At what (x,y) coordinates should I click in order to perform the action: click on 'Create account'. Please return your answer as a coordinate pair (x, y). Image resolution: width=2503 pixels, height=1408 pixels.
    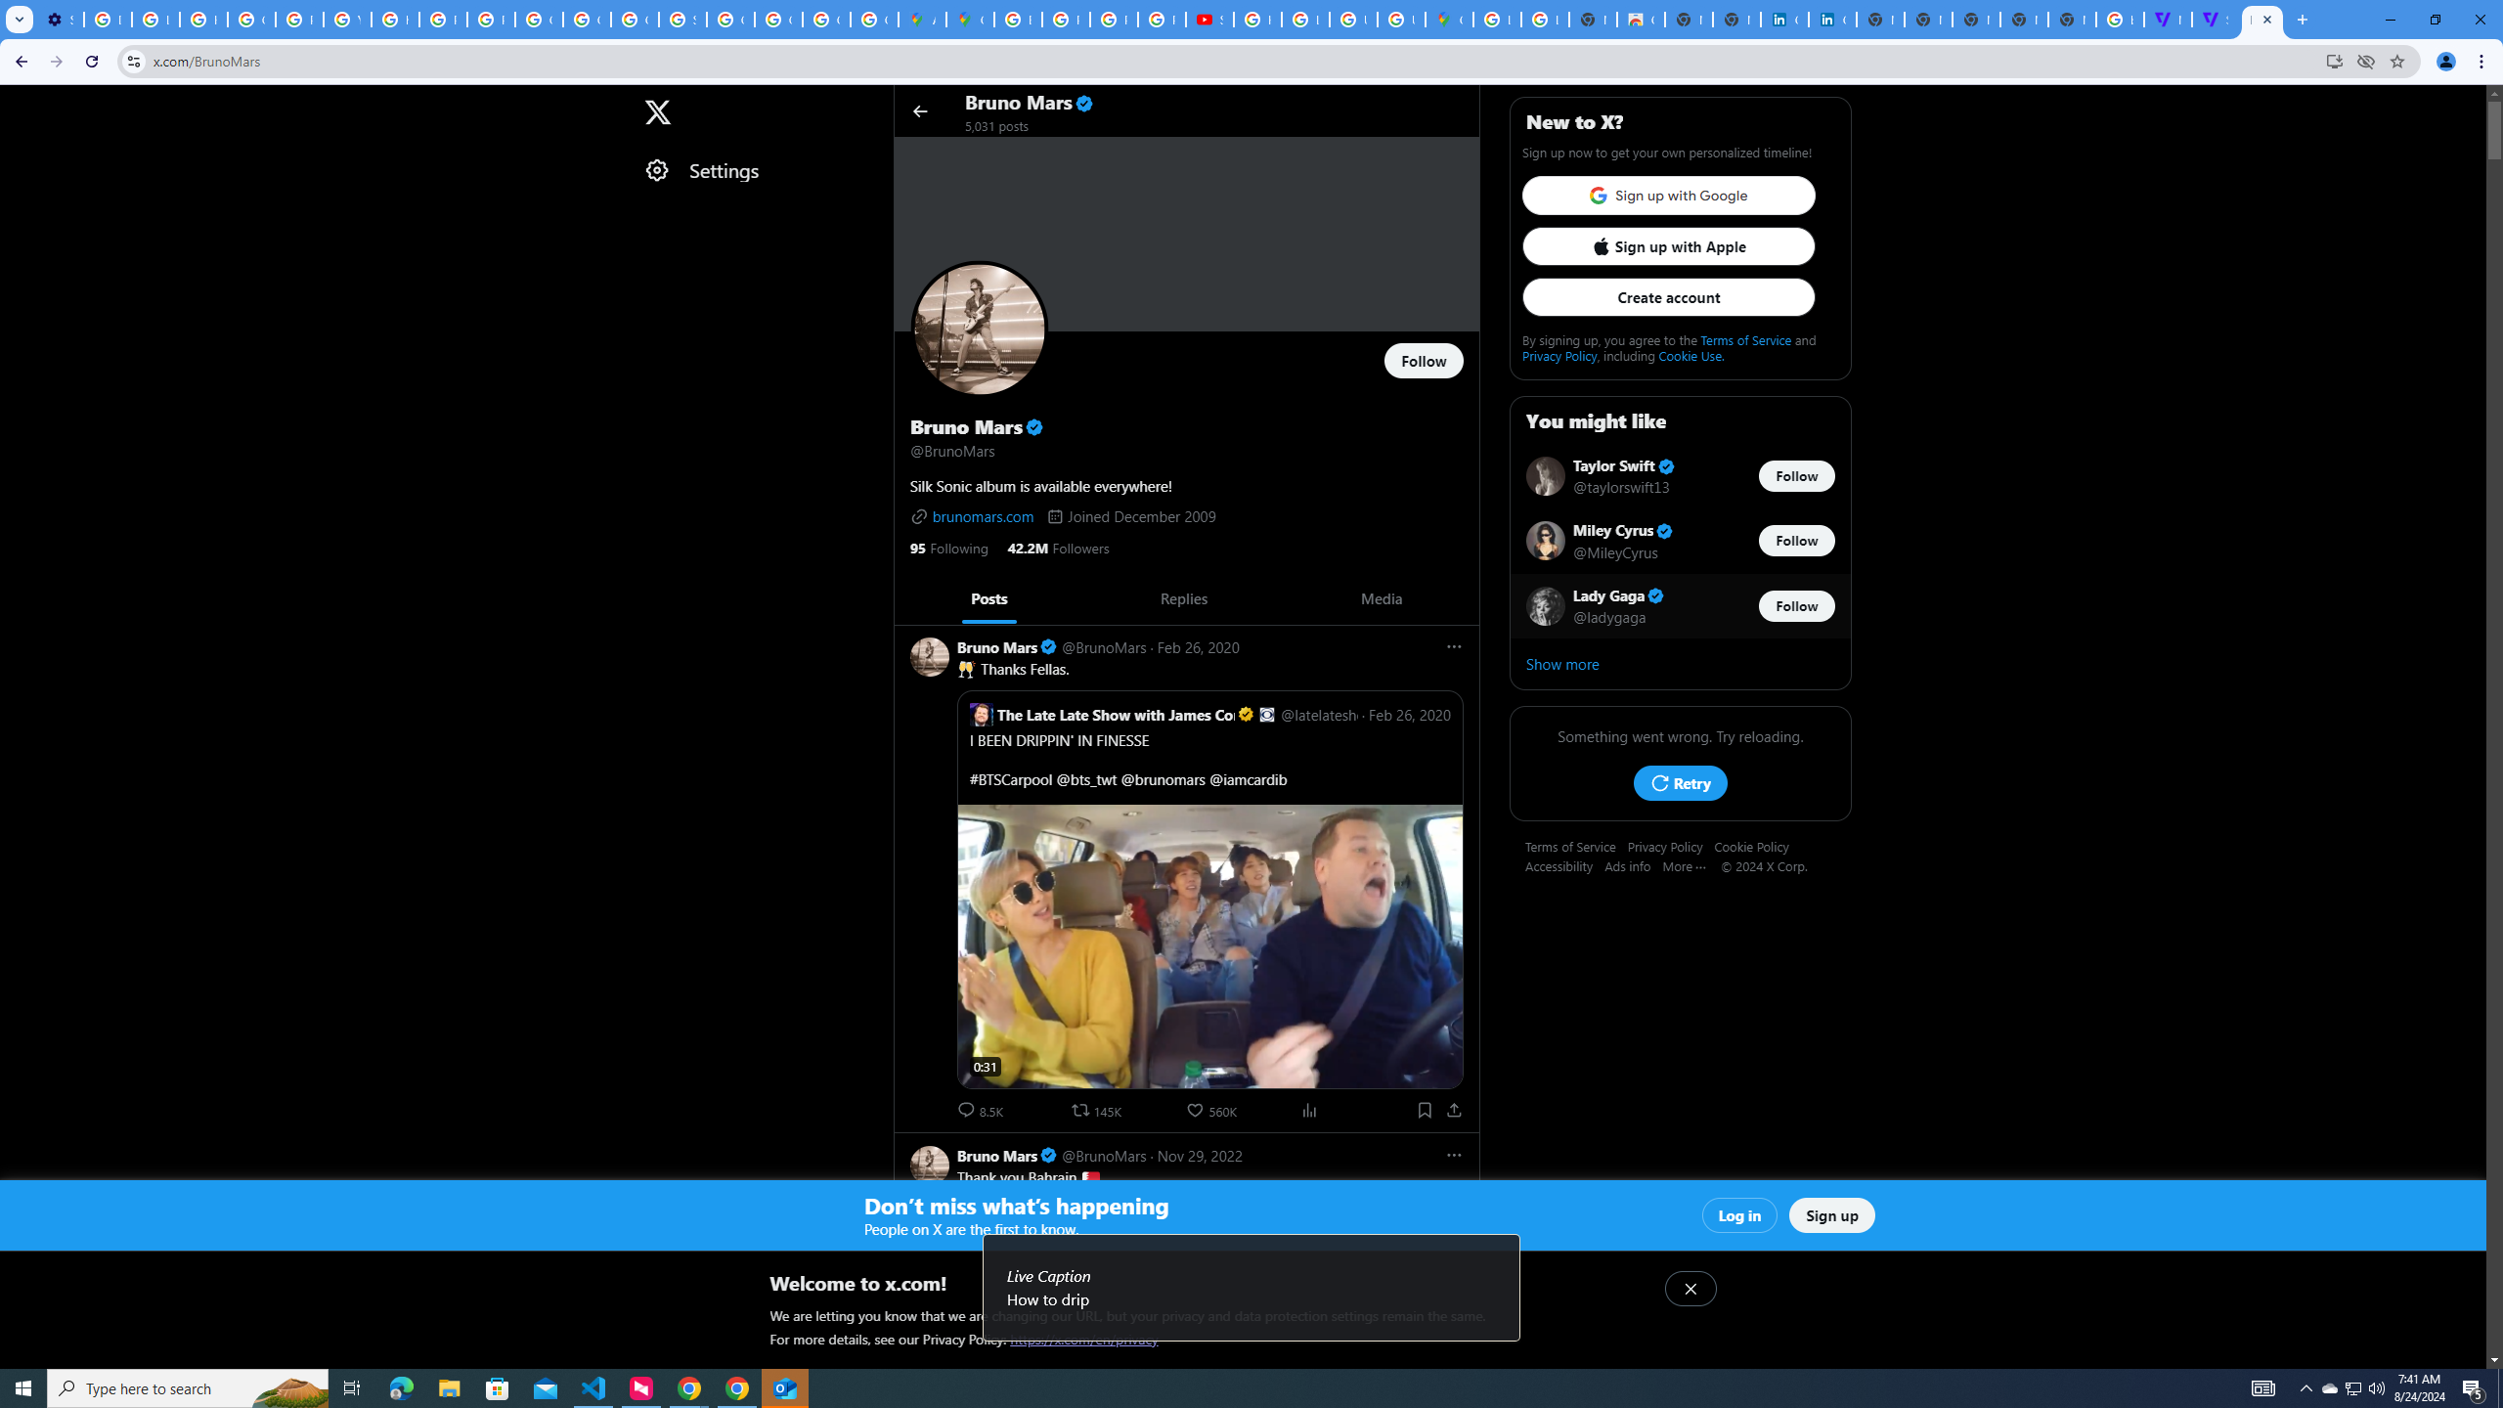
    Looking at the image, I should click on (1667, 295).